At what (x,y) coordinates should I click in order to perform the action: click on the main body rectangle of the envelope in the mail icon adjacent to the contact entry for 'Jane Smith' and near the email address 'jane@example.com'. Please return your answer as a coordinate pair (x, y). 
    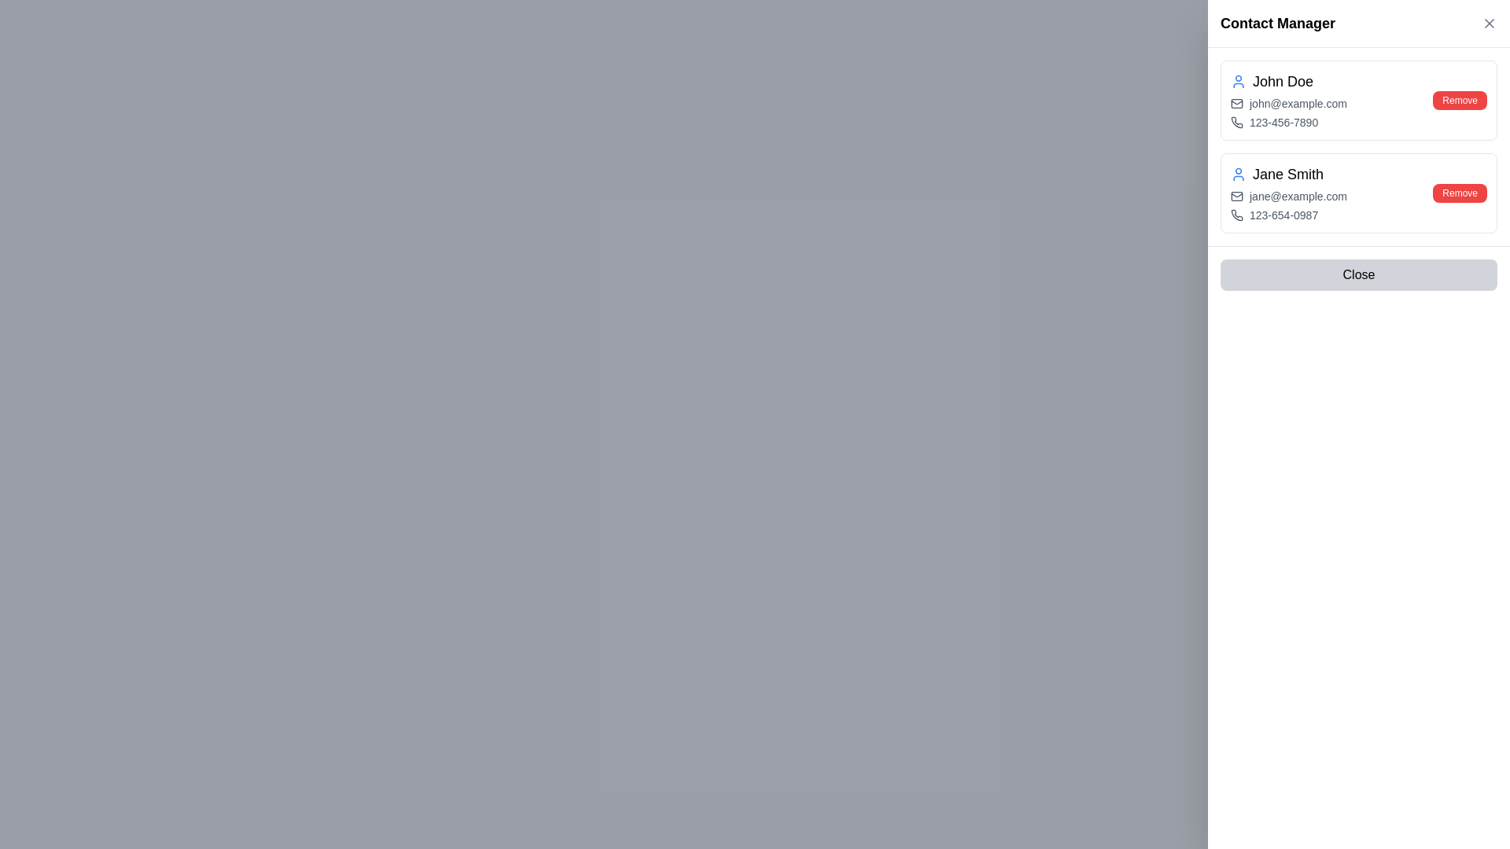
    Looking at the image, I should click on (1236, 196).